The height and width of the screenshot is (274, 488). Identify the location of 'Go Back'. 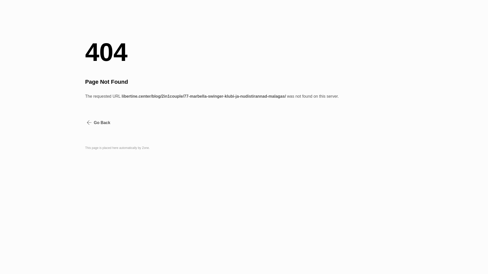
(85, 123).